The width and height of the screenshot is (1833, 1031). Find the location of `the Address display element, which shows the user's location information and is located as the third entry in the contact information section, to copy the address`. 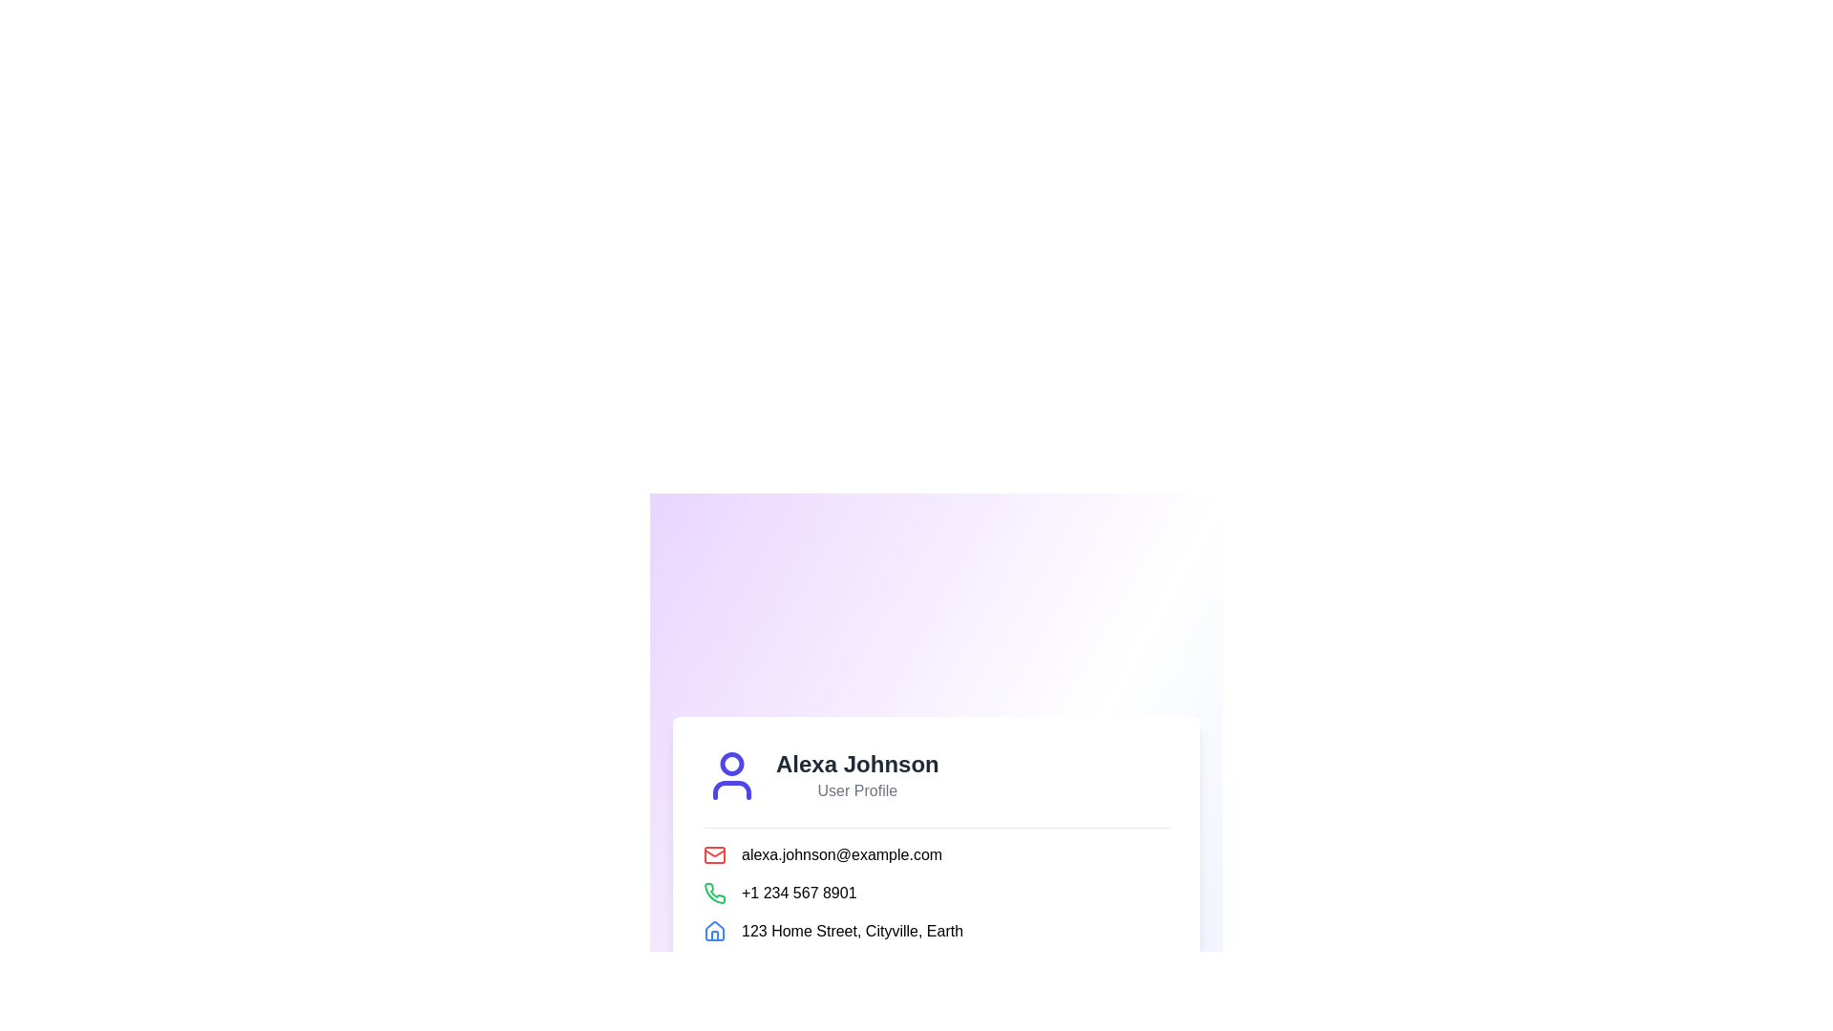

the Address display element, which shows the user's location information and is located as the third entry in the contact information section, to copy the address is located at coordinates (936, 930).